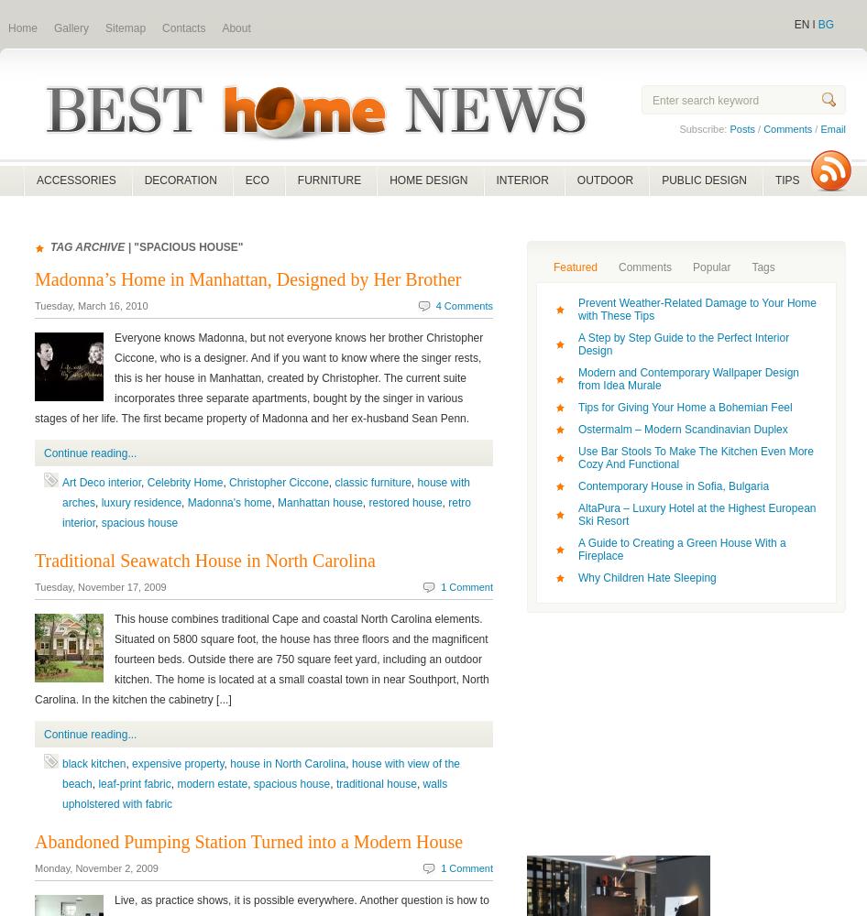 The image size is (867, 916). What do you see at coordinates (695, 458) in the screenshot?
I see `'Use Bar Stools To Make The Kitchen Even More Cozy And Functional'` at bounding box center [695, 458].